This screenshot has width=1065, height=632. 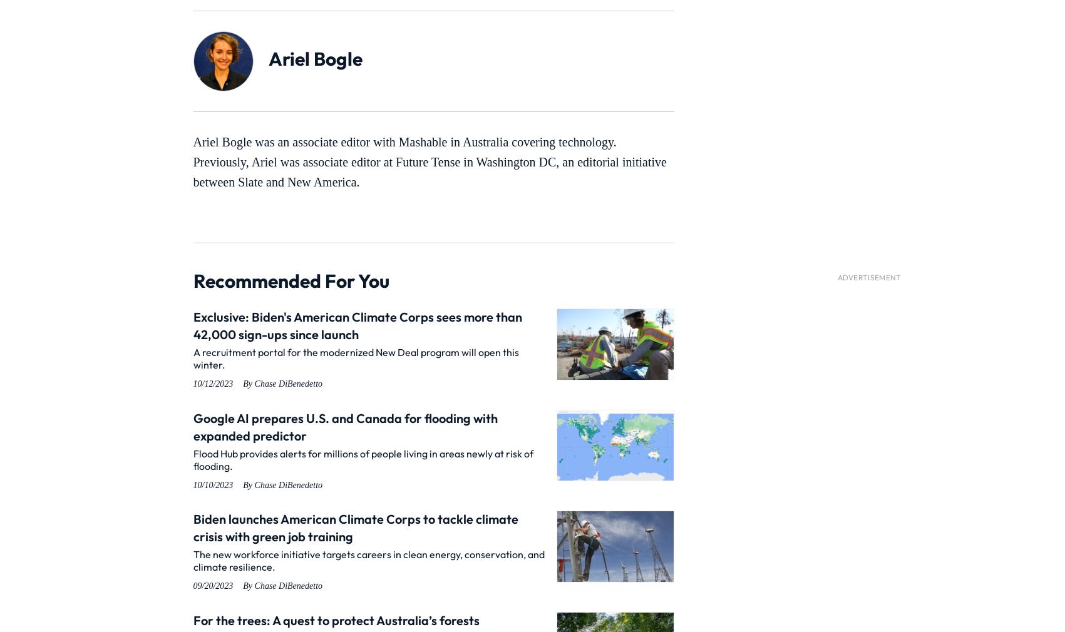 I want to click on 'The new workforce initiative targets careers in clean energy, conservation, and climate resilience.', so click(x=368, y=560).